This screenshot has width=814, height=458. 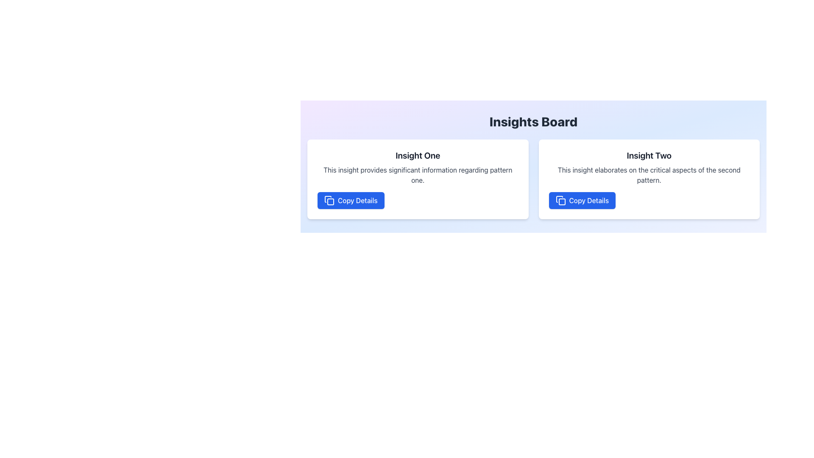 I want to click on the 'Copy Details' button with a blue background and white text located in the 'Insight Two' card, so click(x=582, y=201).